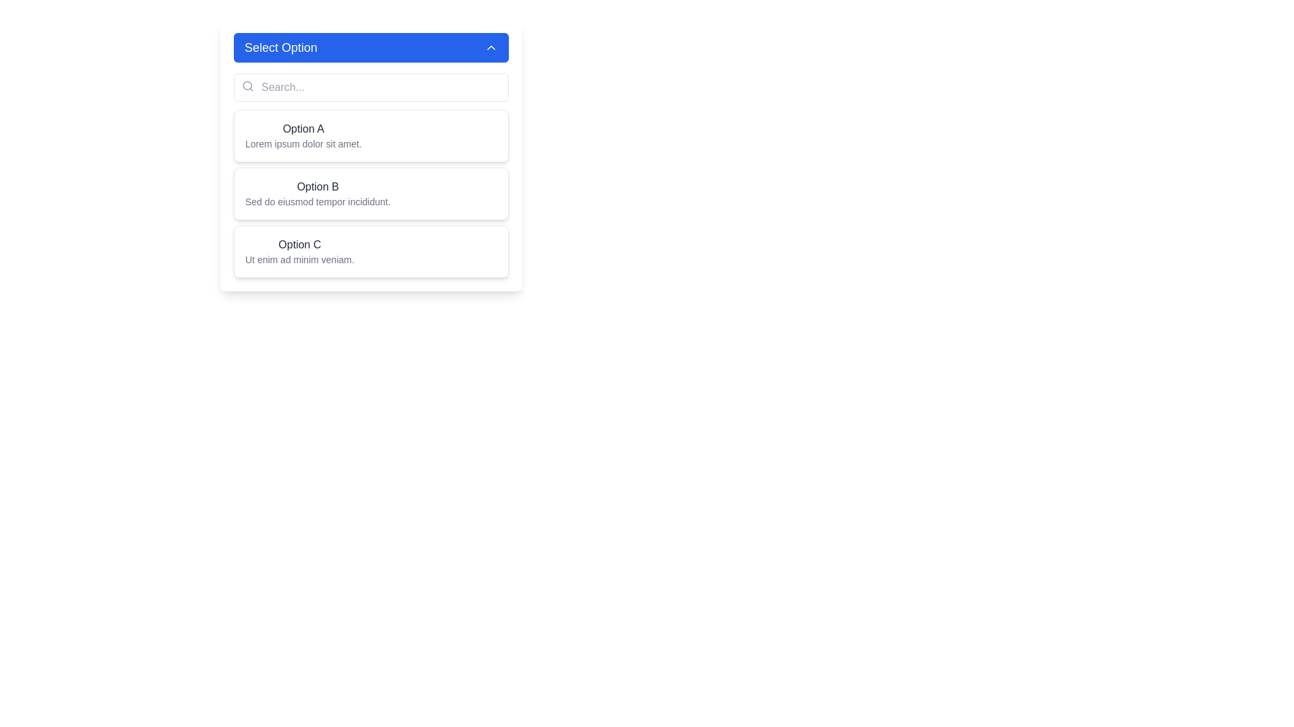 The height and width of the screenshot is (727, 1294). What do you see at coordinates (303, 143) in the screenshot?
I see `the static text displaying 'Lorem ipsum dolor sit amet.' located beneath the 'Option A' label in the dropdown menu` at bounding box center [303, 143].